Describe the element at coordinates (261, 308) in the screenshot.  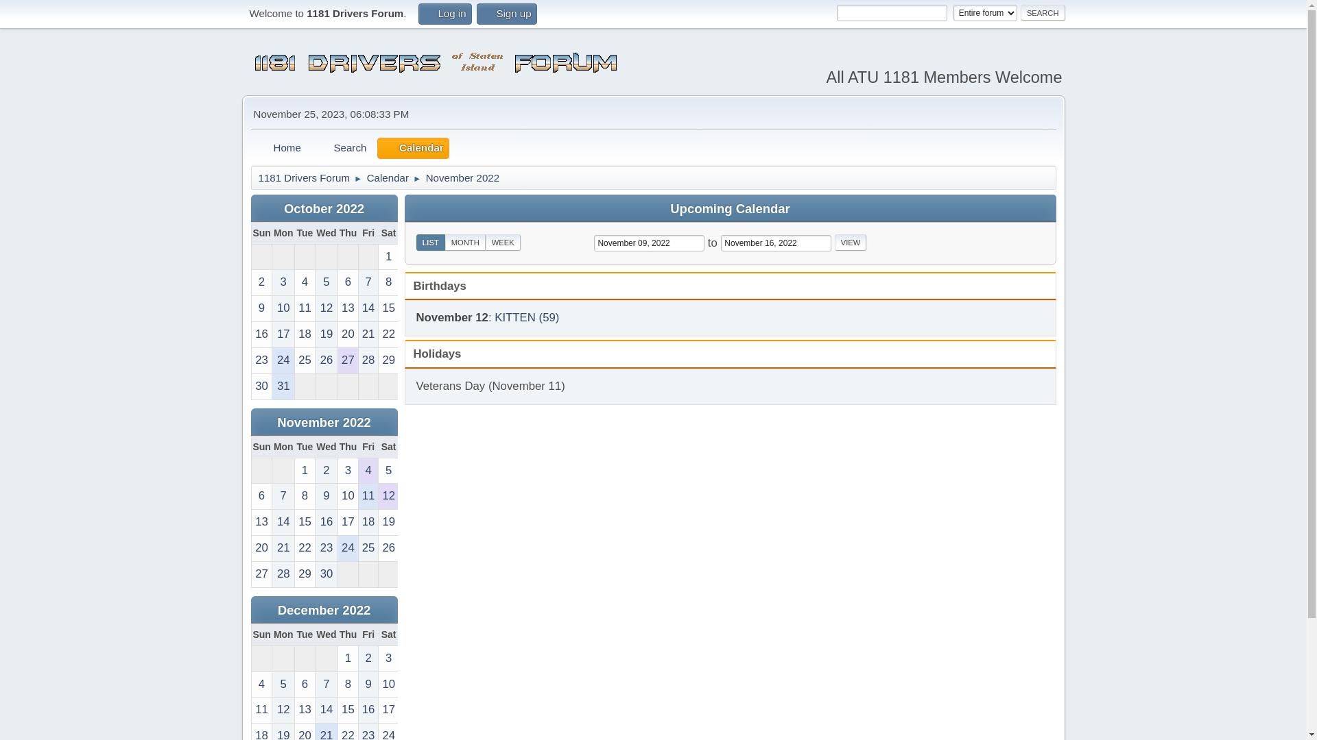
I see `'9'` at that location.